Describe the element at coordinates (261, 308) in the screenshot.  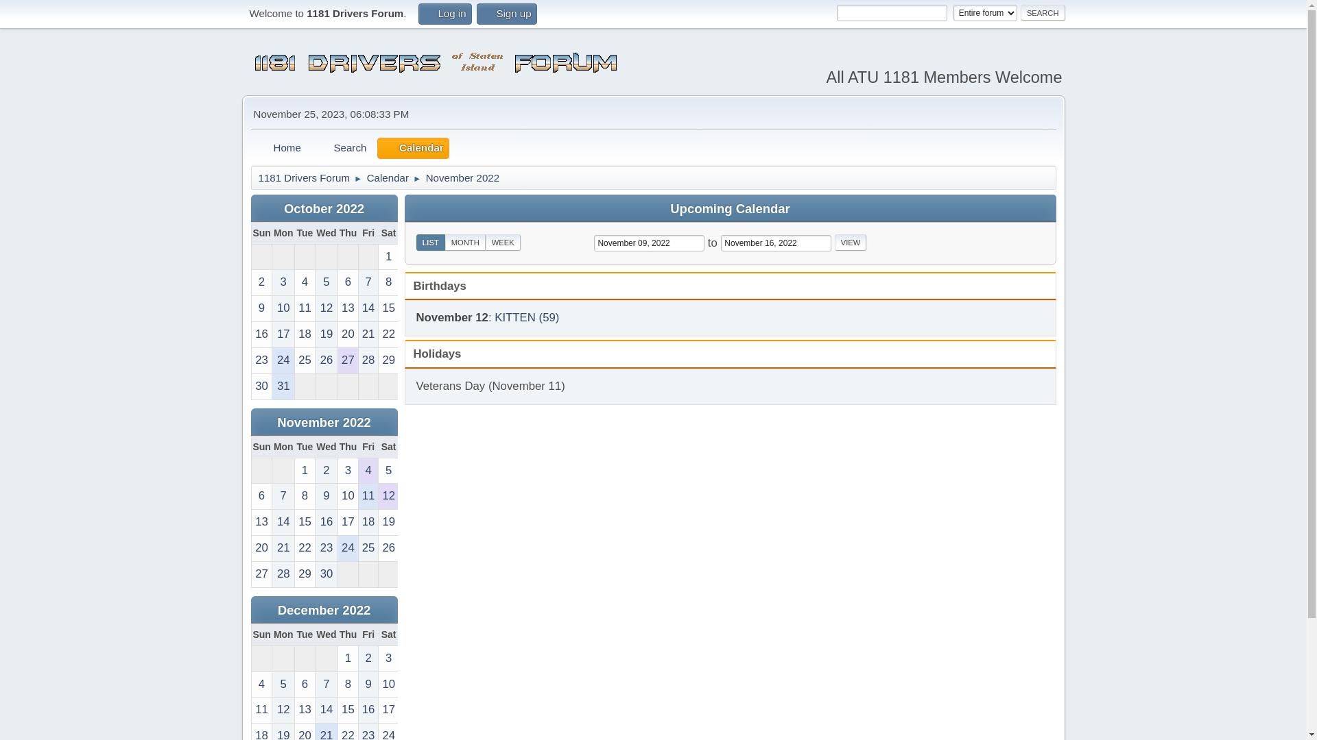
I see `'9'` at that location.